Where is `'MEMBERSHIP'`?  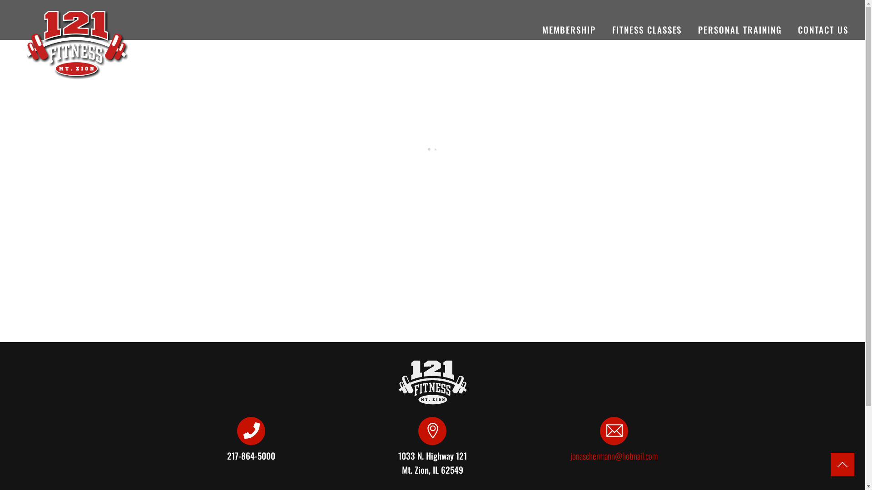
'MEMBERSHIP' is located at coordinates (568, 30).